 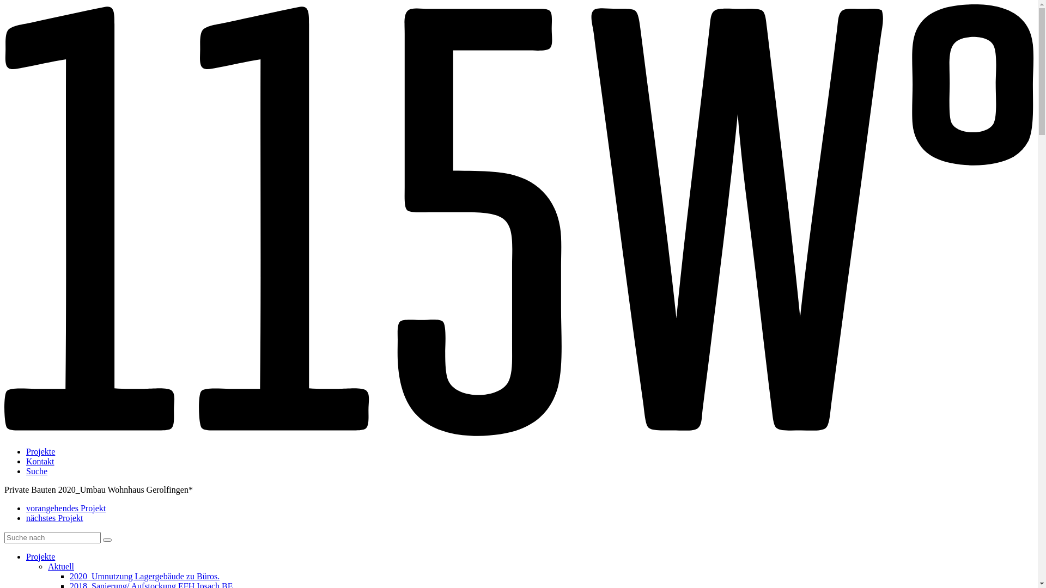 What do you see at coordinates (60, 566) in the screenshot?
I see `'Aktuell'` at bounding box center [60, 566].